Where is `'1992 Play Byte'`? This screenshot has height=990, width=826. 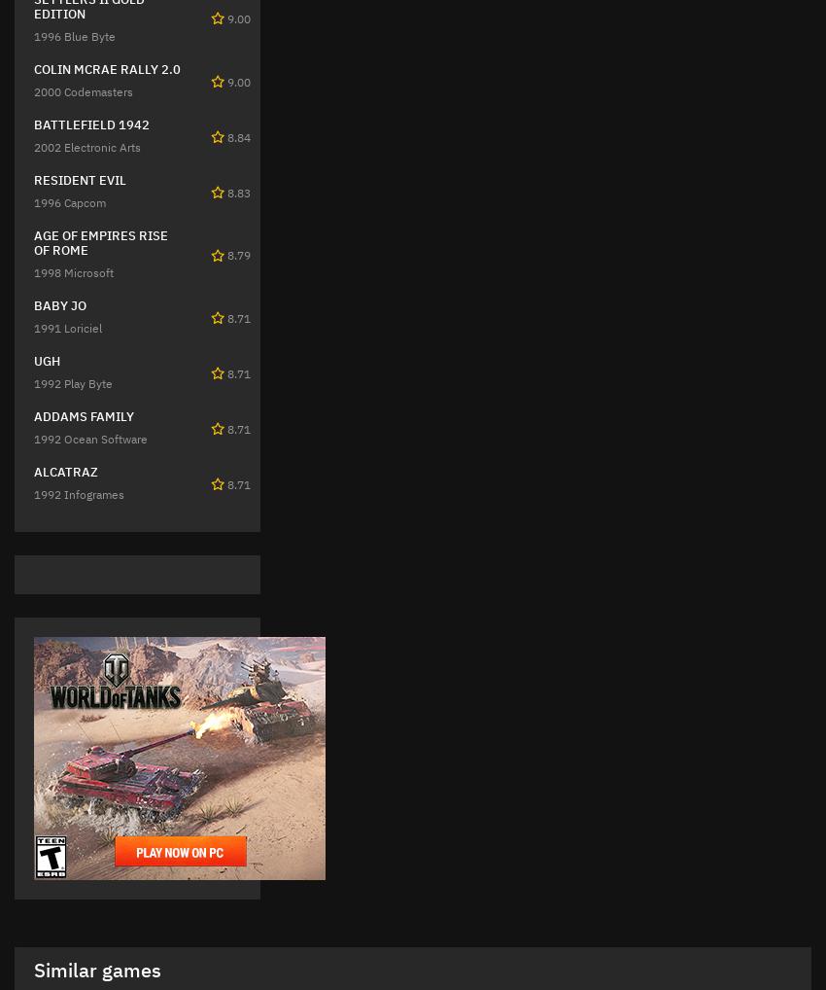
'1992 Play Byte' is located at coordinates (73, 383).